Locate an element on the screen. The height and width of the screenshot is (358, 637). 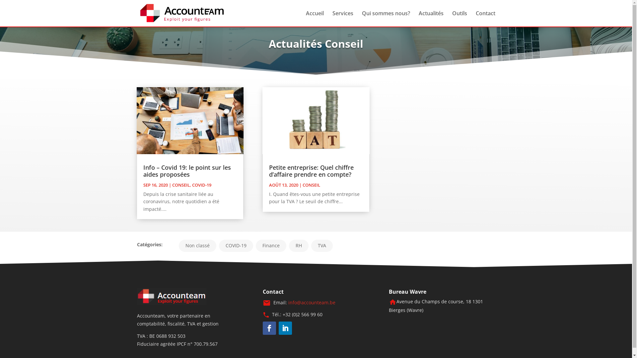
'Contact' is located at coordinates (485, 18).